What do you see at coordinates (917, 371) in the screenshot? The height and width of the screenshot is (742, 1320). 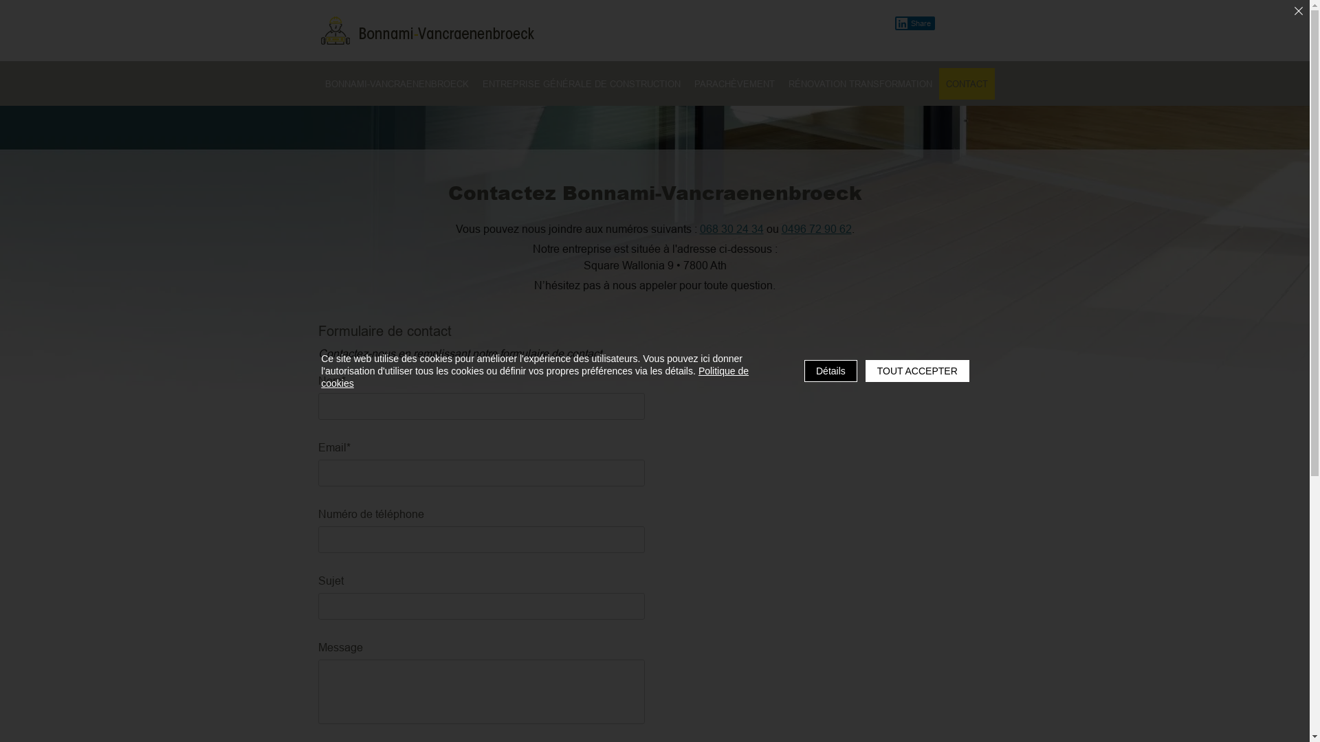 I see `'TOUT ACCEPTER'` at bounding box center [917, 371].